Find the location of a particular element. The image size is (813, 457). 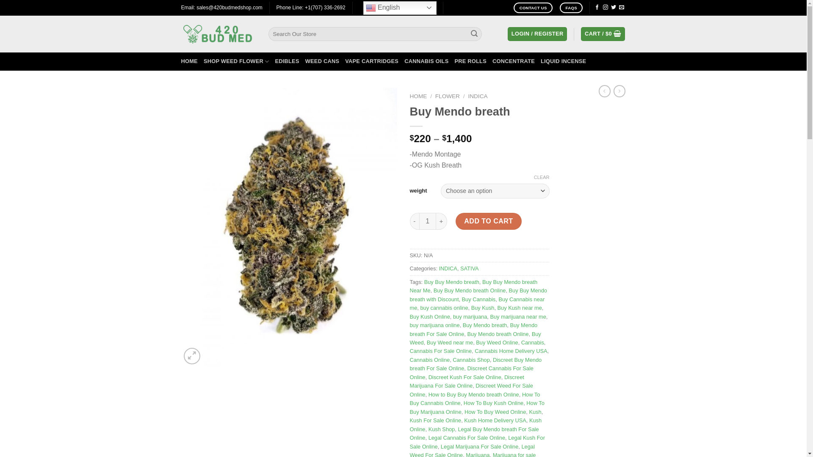

'Follow on Facebook' is located at coordinates (597, 8).